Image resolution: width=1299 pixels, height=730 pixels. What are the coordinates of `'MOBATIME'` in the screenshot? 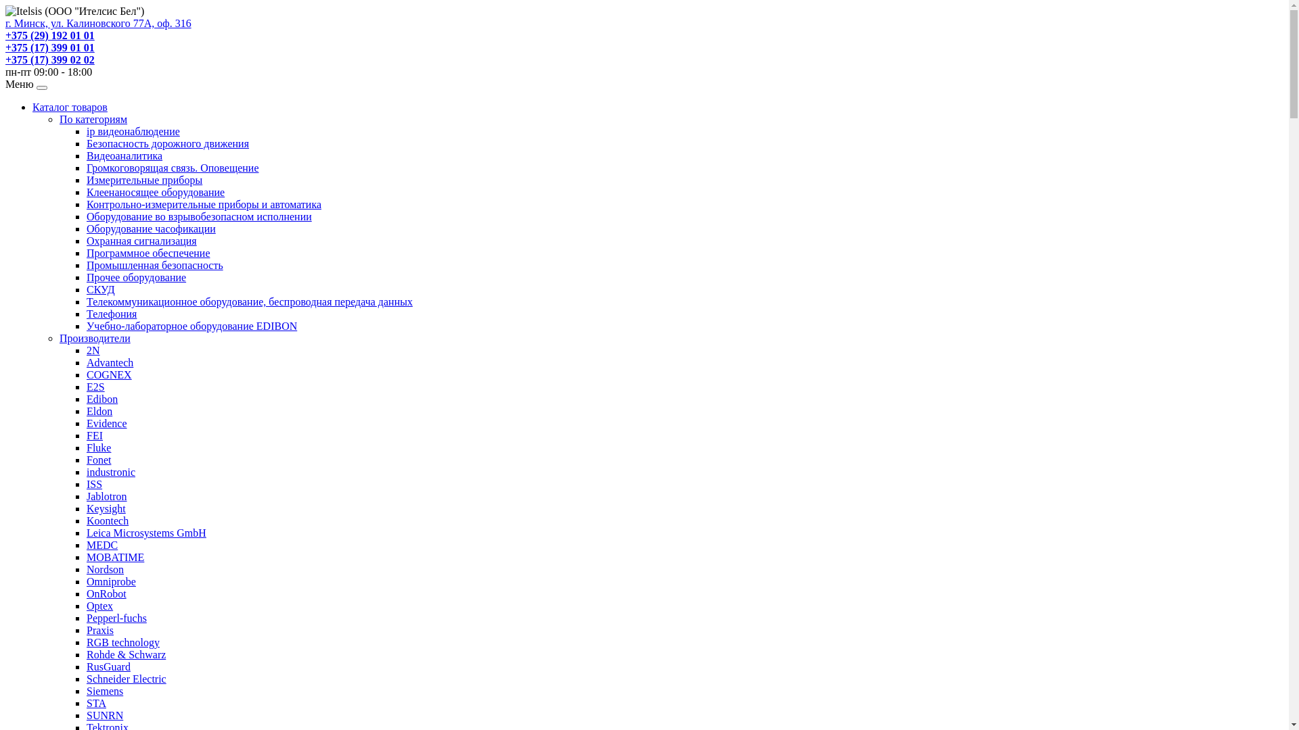 It's located at (86, 557).